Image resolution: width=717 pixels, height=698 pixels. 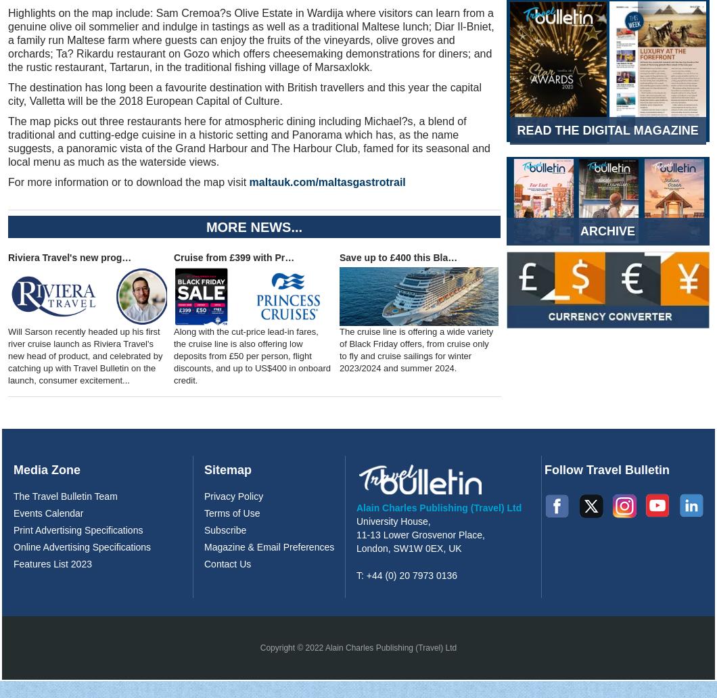 I want to click on 'Sitemap', so click(x=227, y=469).